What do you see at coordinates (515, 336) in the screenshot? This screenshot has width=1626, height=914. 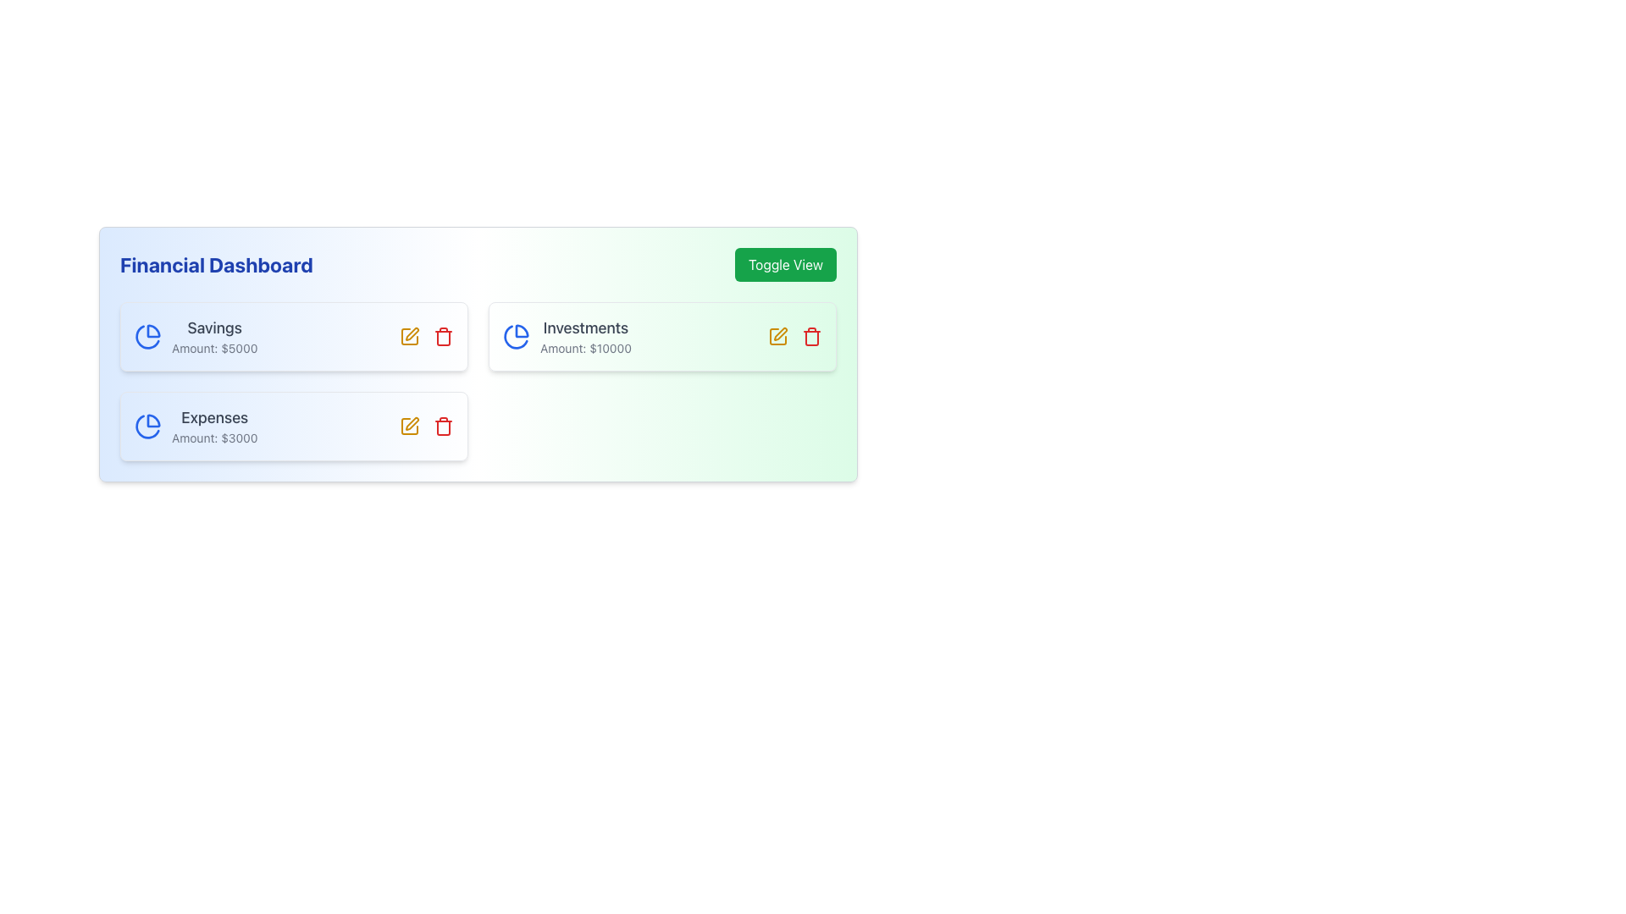 I see `the pie chart icon representing the 'Investments' category, located in the 'Investments' card to the far left of the card, adjacent to the text 'Investments'` at bounding box center [515, 336].